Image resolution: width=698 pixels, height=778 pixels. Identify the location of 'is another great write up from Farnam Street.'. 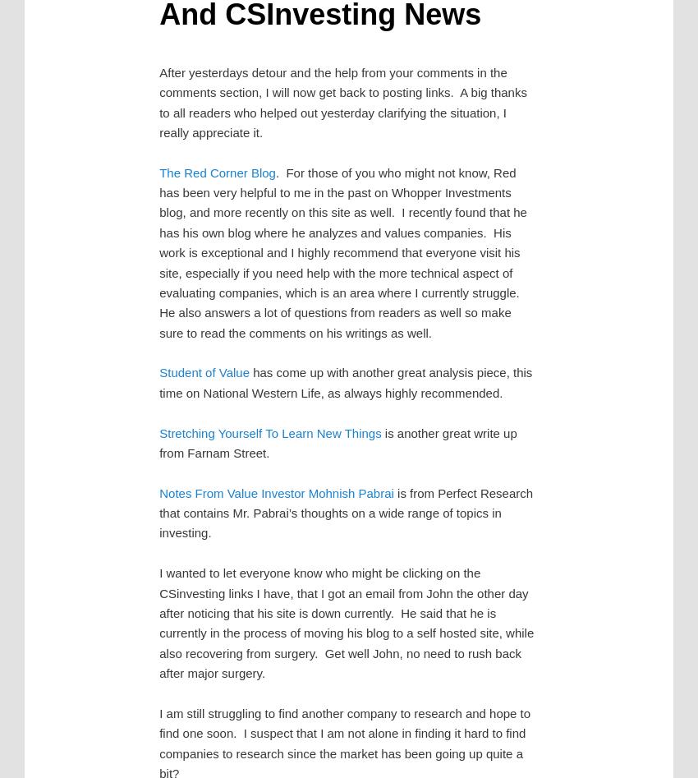
(338, 441).